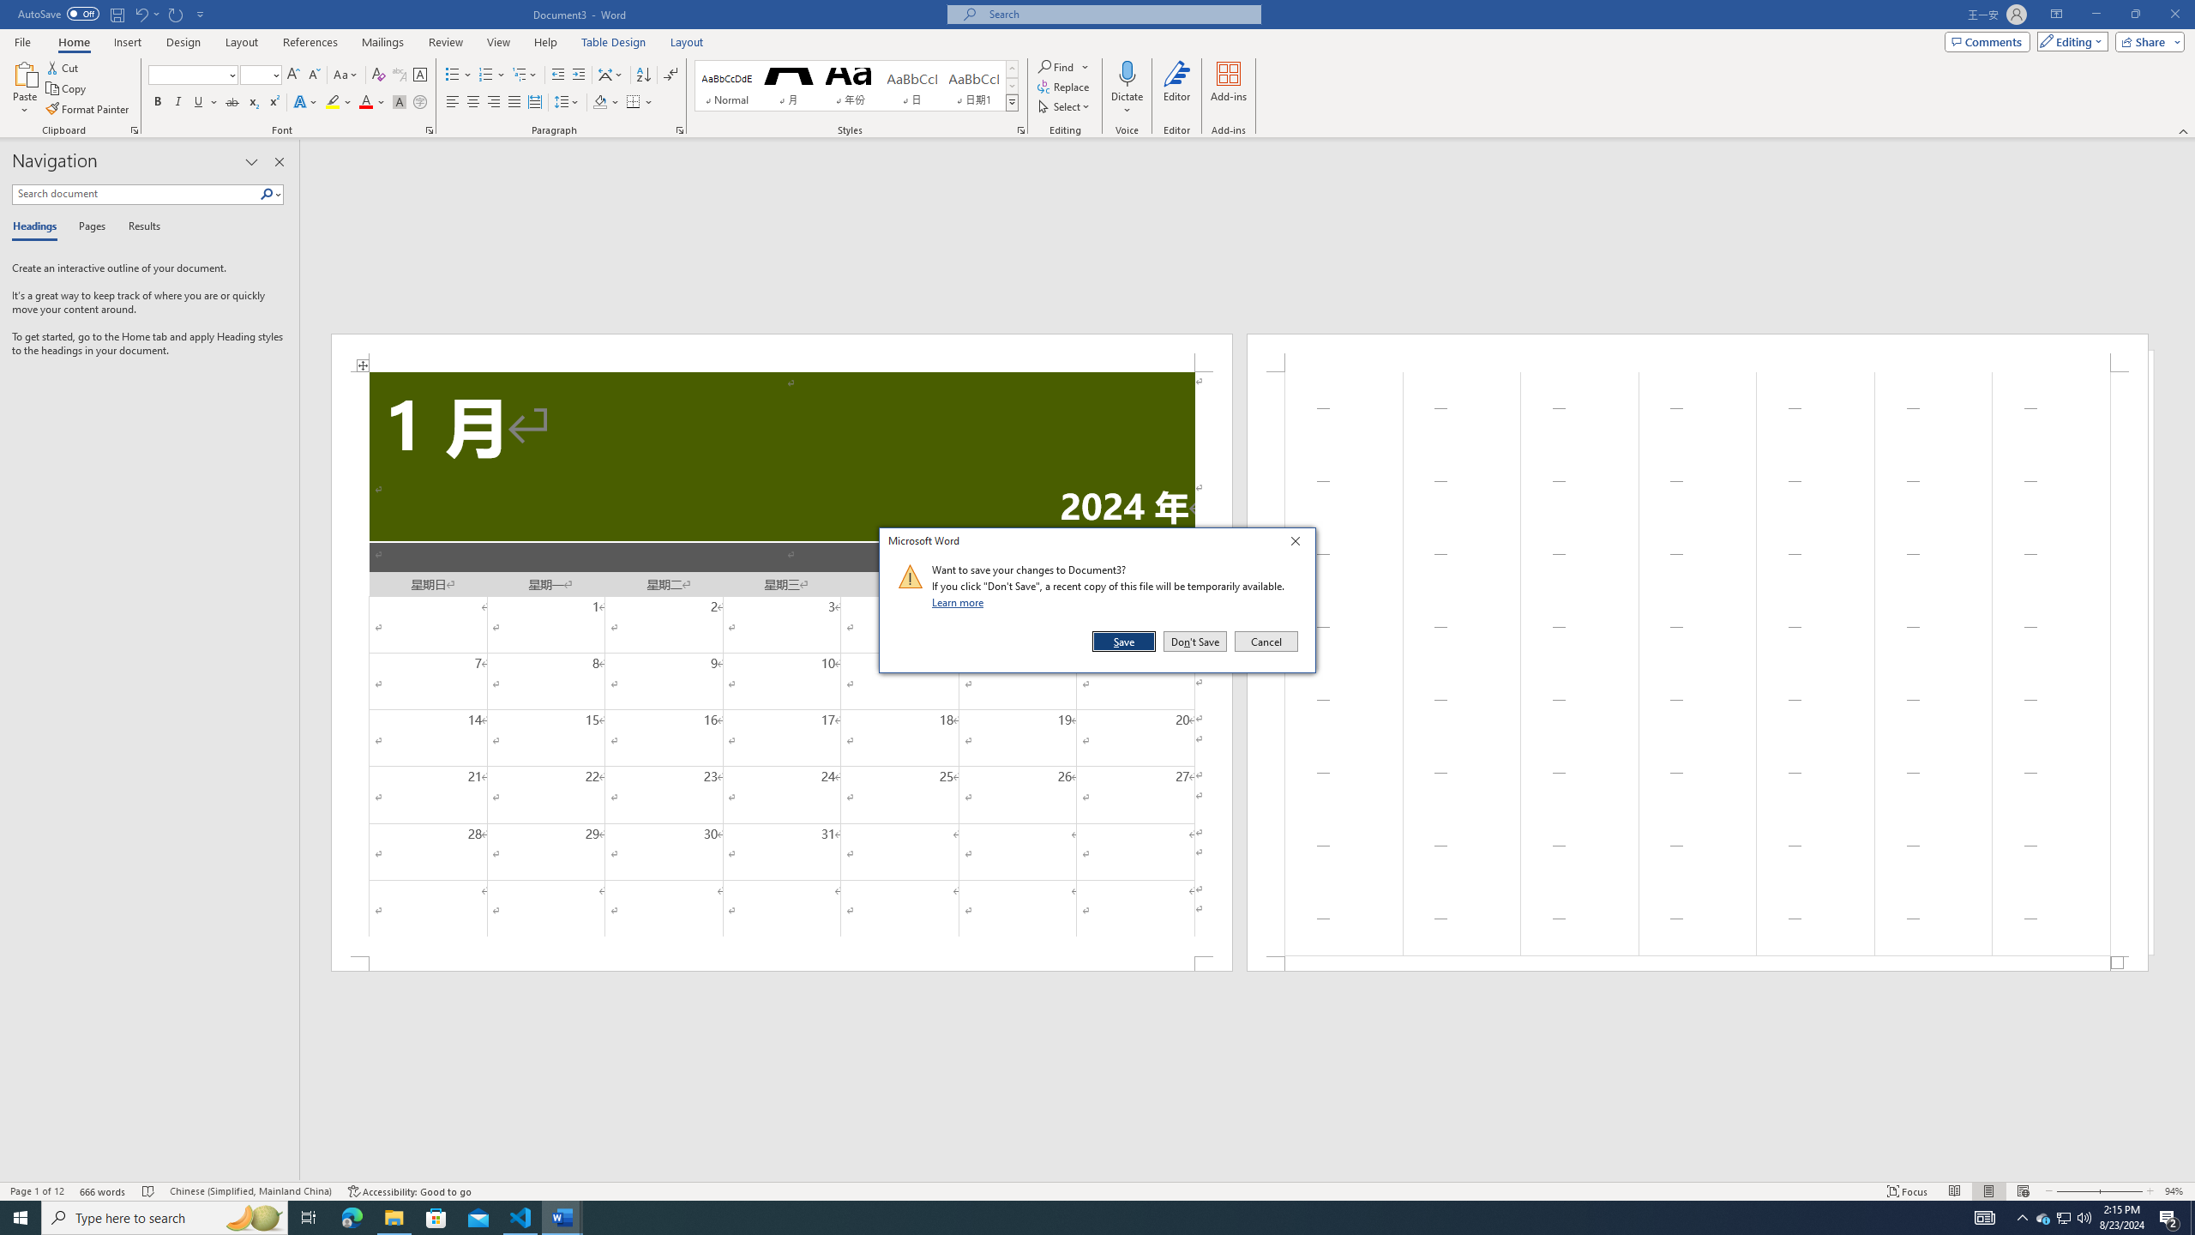  I want to click on 'Shading RGB(0, 0, 0)', so click(600, 101).